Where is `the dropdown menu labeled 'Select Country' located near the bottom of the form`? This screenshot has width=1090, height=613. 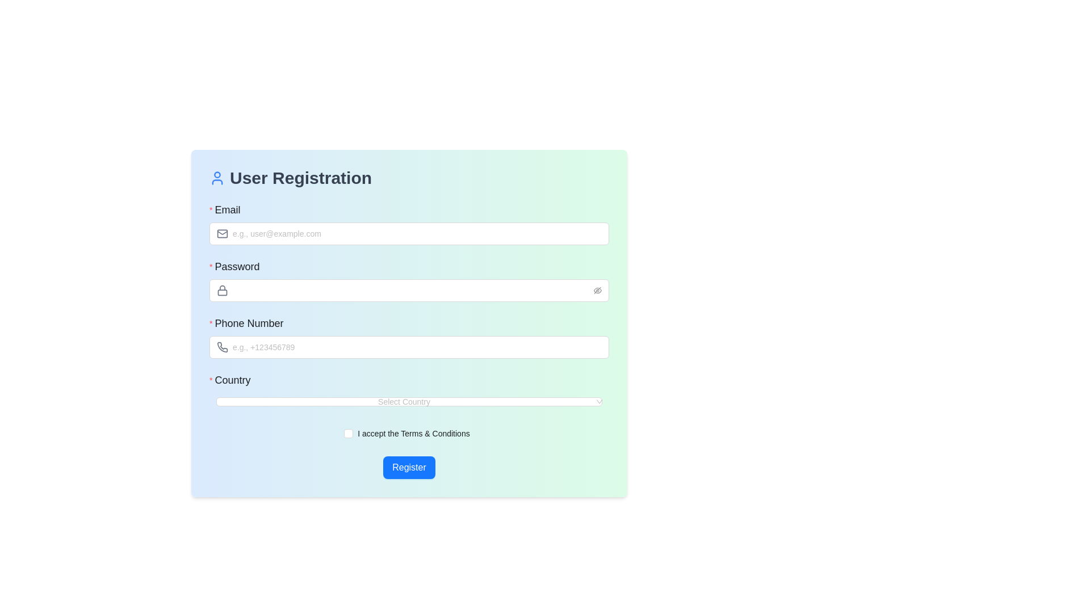
the dropdown menu labeled 'Select Country' located near the bottom of the form is located at coordinates (409, 401).